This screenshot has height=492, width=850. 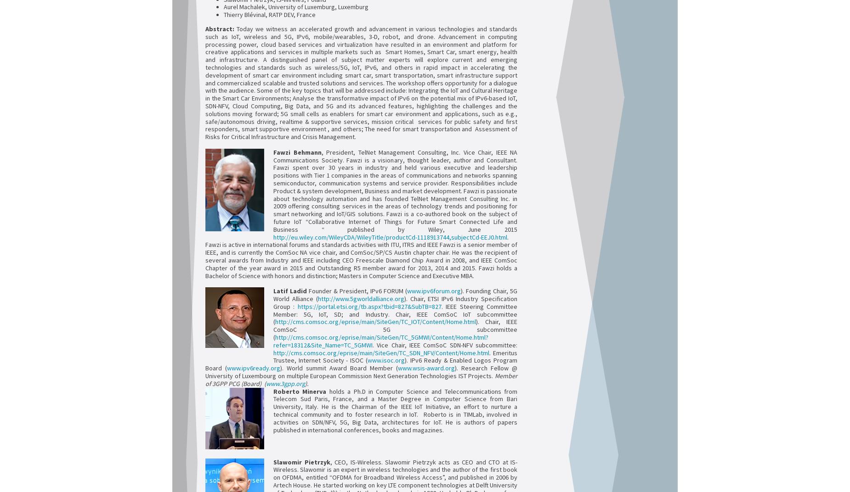 What do you see at coordinates (395, 356) in the screenshot?
I see `'. Emeritus Trustee, Internet Society - ISOC ('` at bounding box center [395, 356].